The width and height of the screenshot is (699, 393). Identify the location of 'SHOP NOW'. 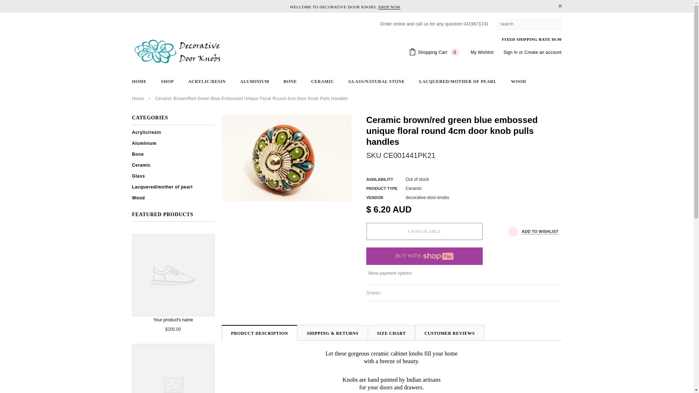
(389, 7).